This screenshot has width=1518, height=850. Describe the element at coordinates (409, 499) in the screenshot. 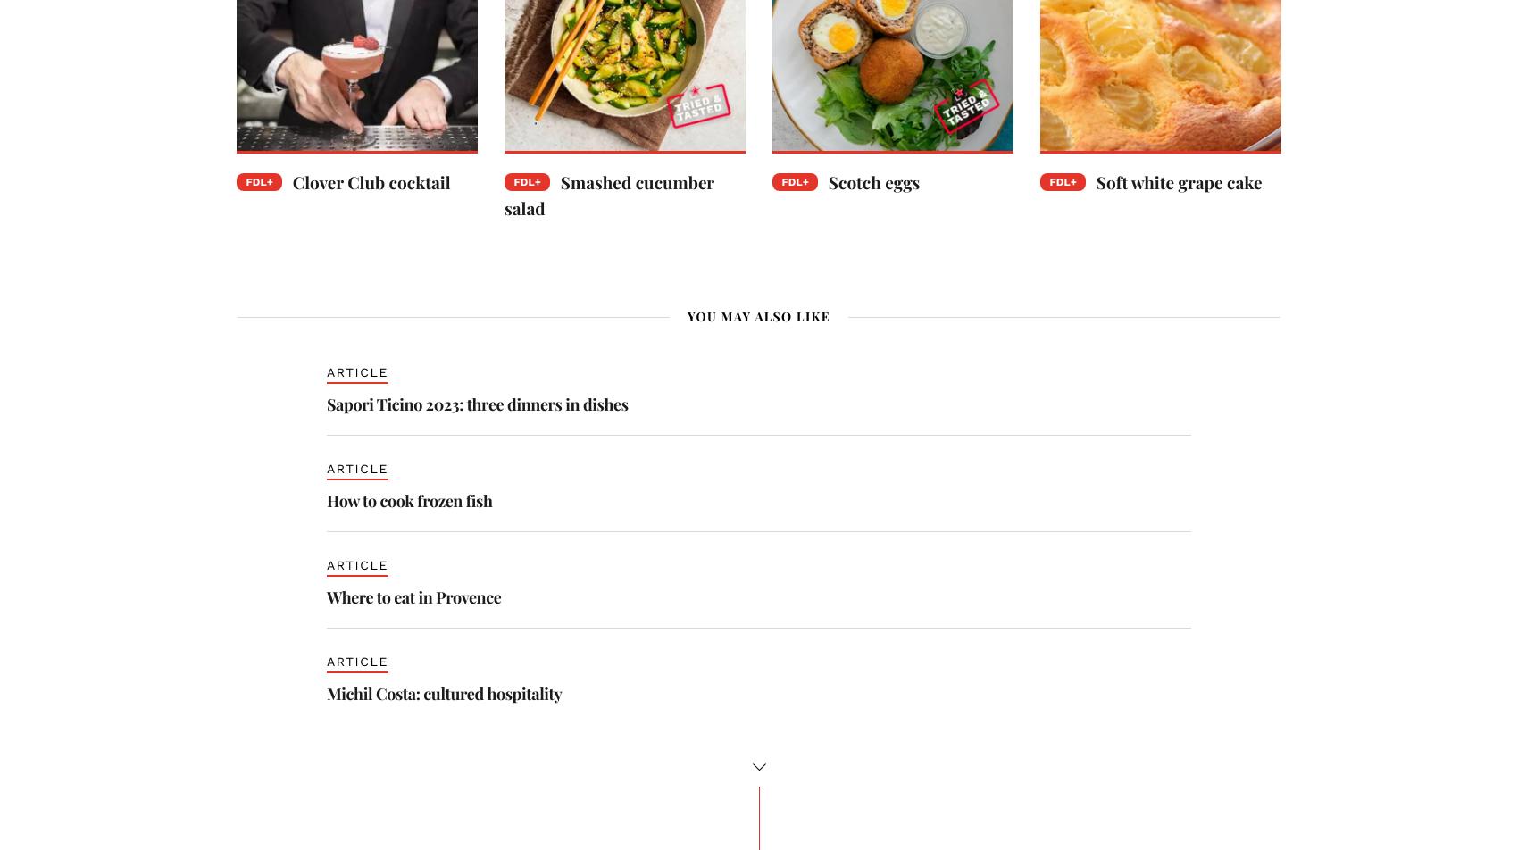

I see `'How to cook frozen fish'` at that location.